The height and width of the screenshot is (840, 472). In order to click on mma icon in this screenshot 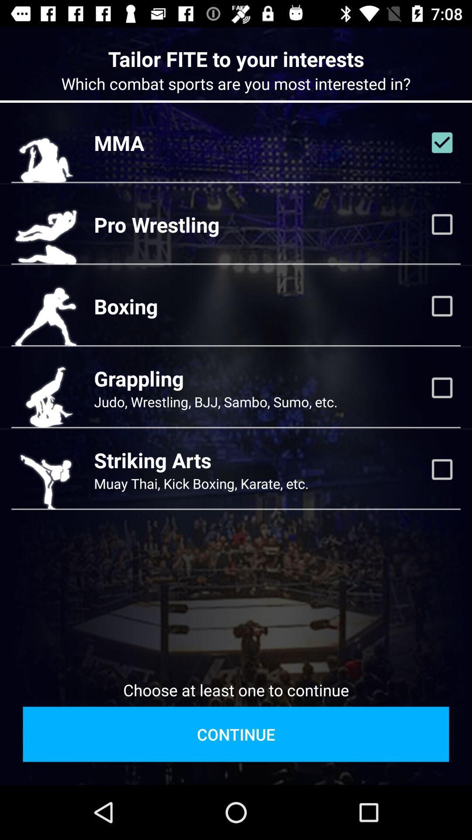, I will do `click(119, 143)`.